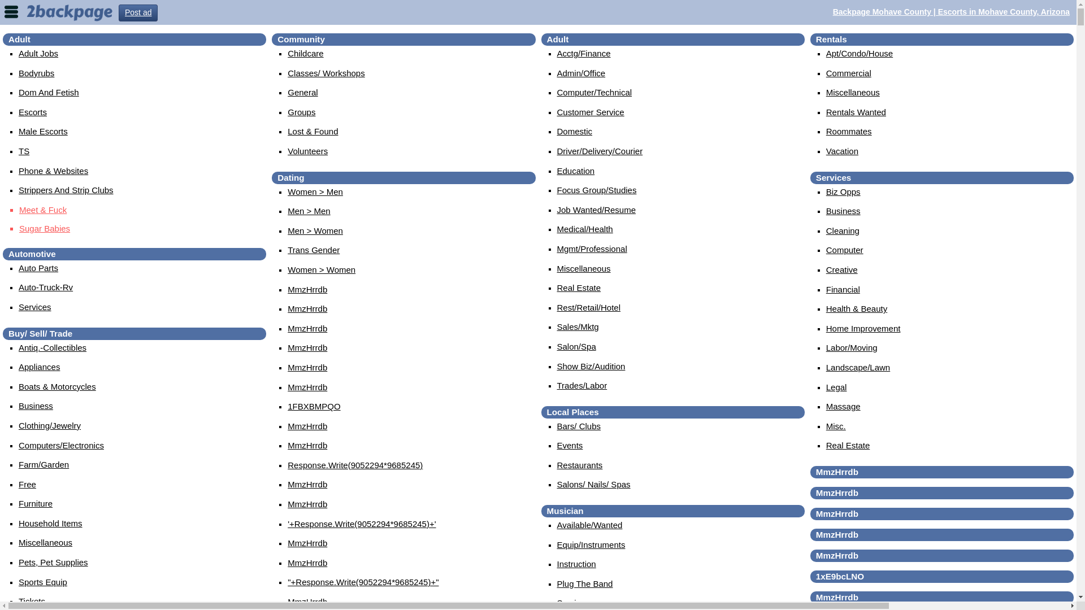 This screenshot has width=1085, height=610. What do you see at coordinates (48, 91) in the screenshot?
I see `'Dom And Fetish'` at bounding box center [48, 91].